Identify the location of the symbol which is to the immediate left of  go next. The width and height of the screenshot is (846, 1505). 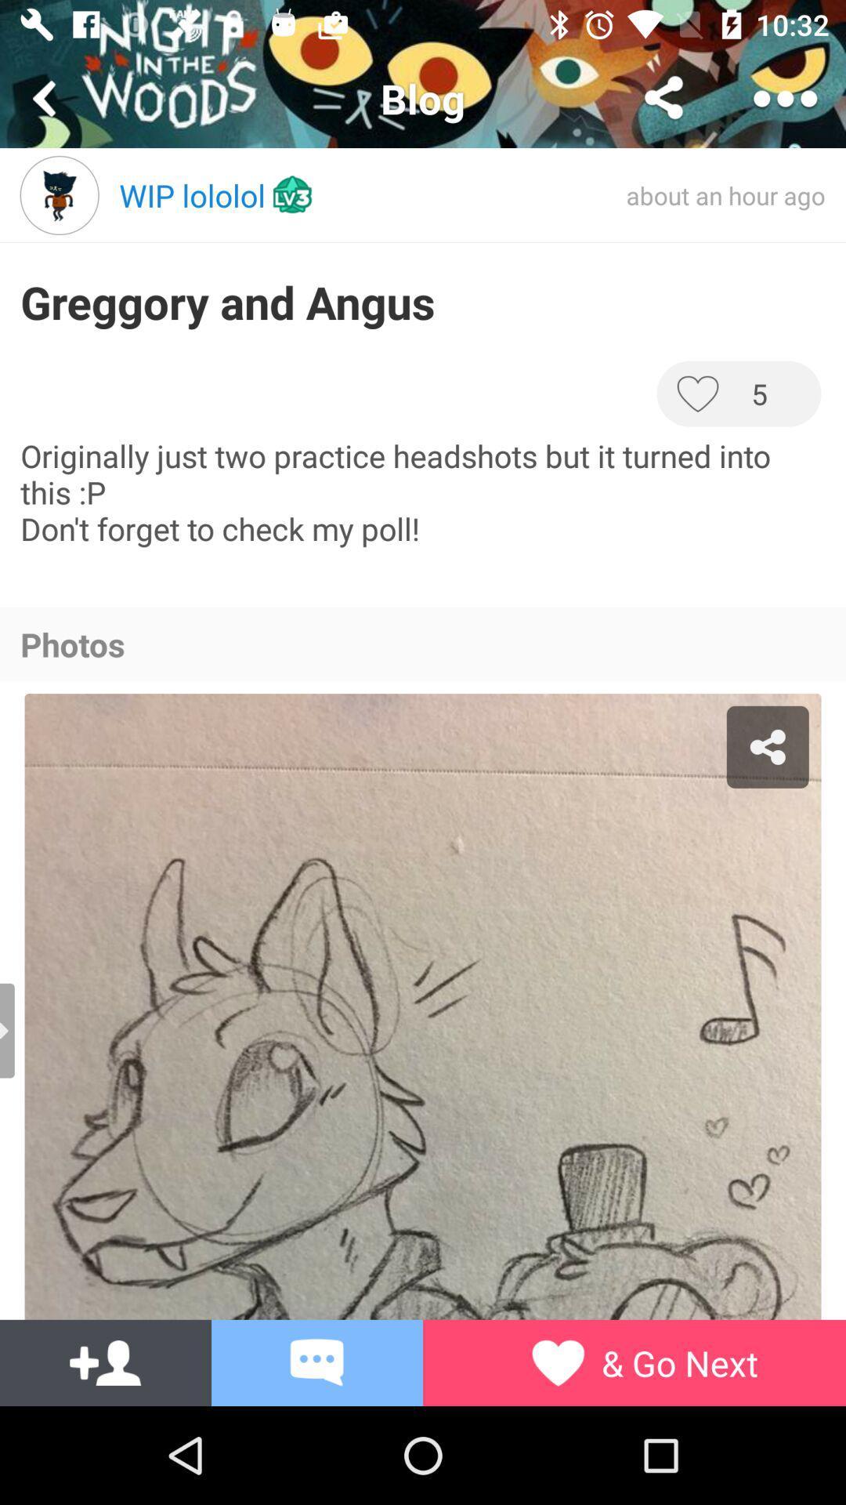
(557, 1362).